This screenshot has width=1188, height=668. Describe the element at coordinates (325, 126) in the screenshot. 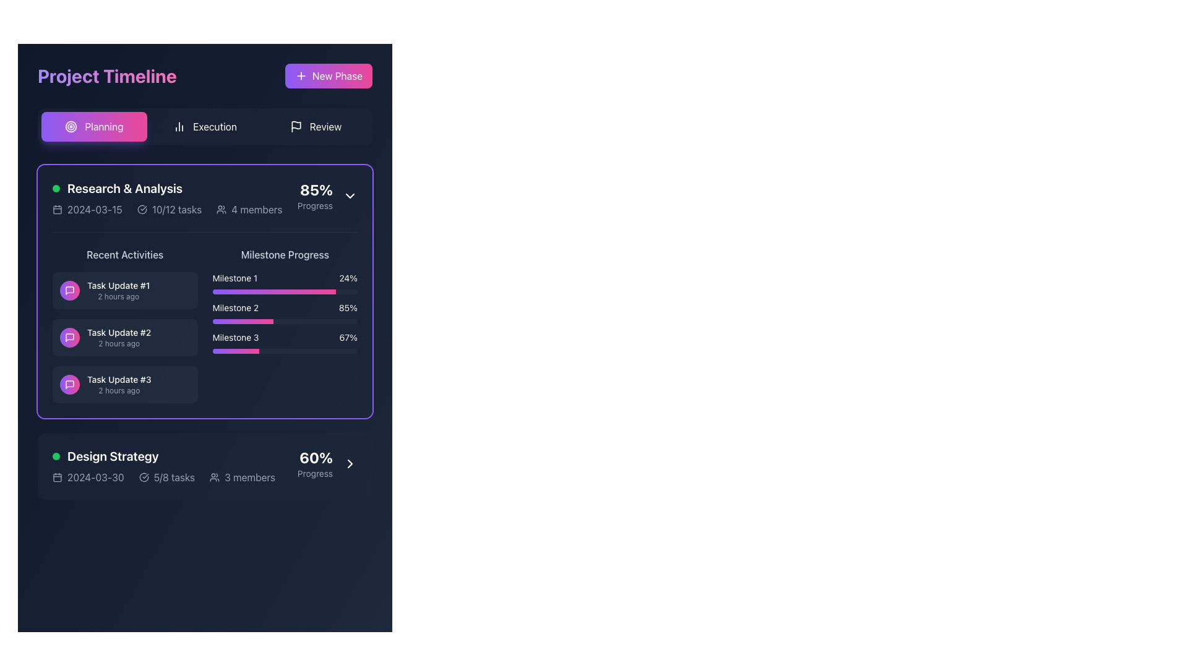

I see `the 'Review' navigation link located at the rightmost position in the navigation bar` at that location.